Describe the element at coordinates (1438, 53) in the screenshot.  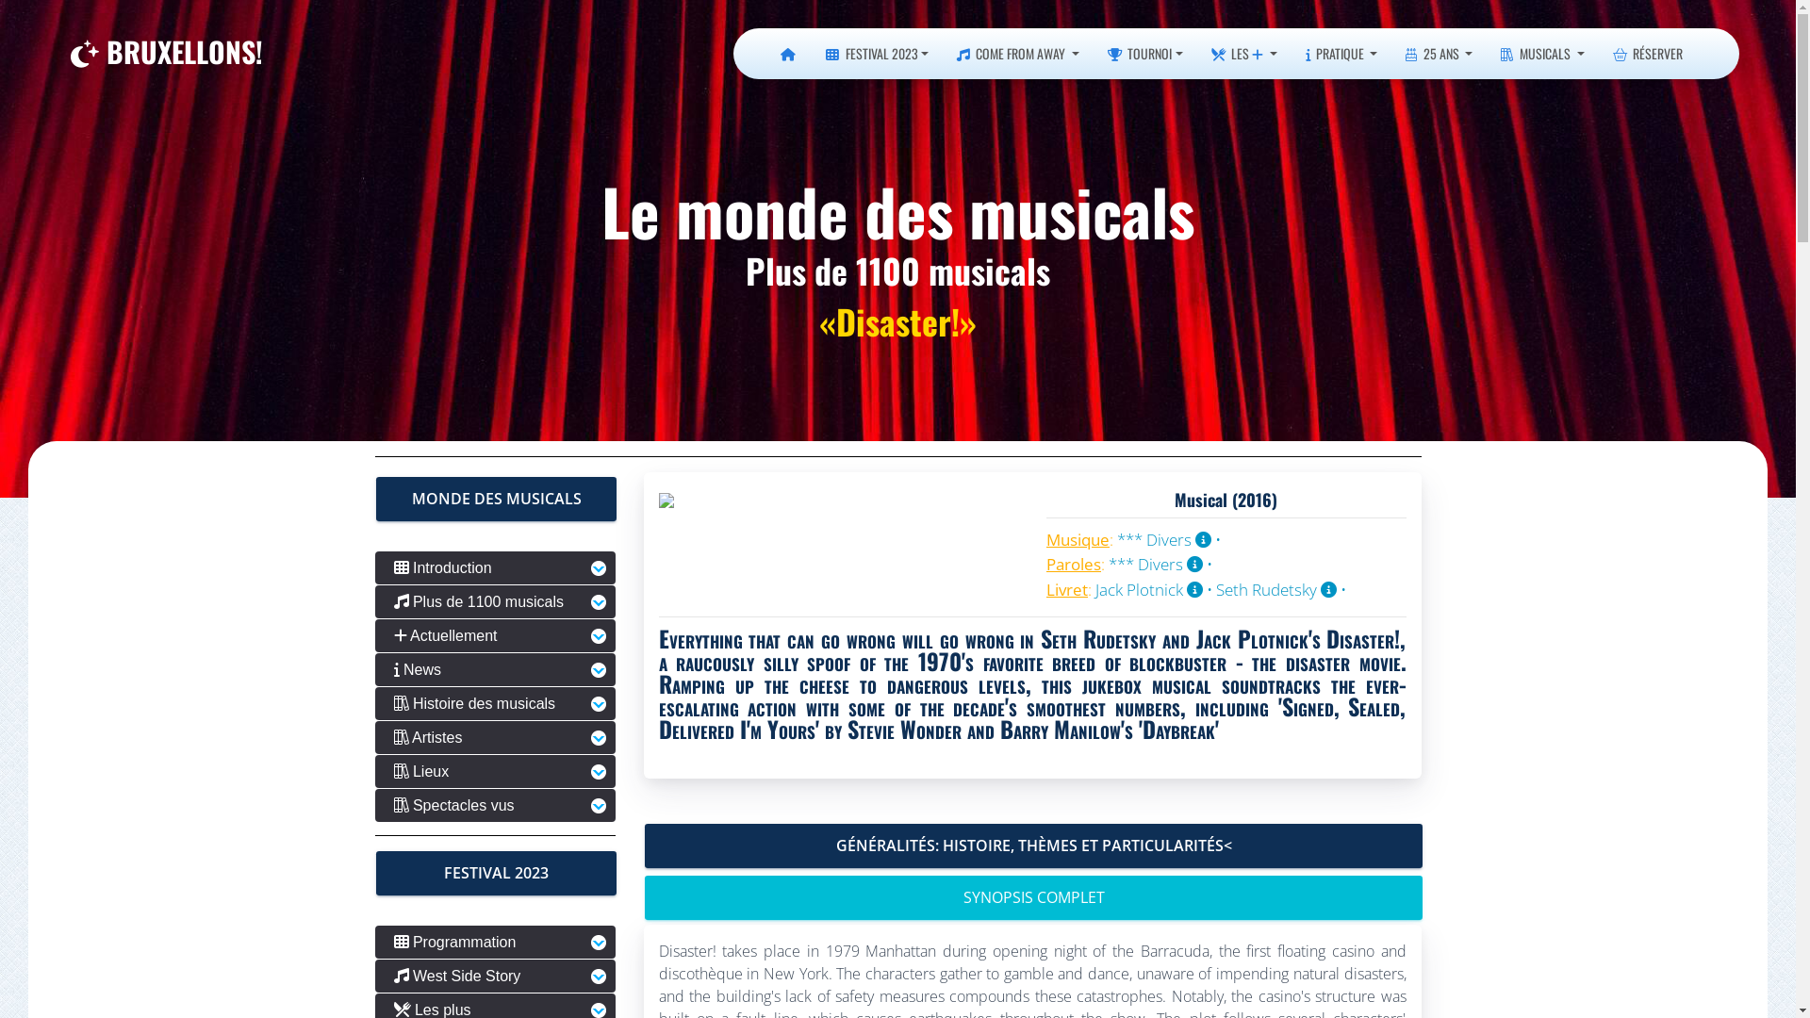
I see `'25 ANS'` at that location.